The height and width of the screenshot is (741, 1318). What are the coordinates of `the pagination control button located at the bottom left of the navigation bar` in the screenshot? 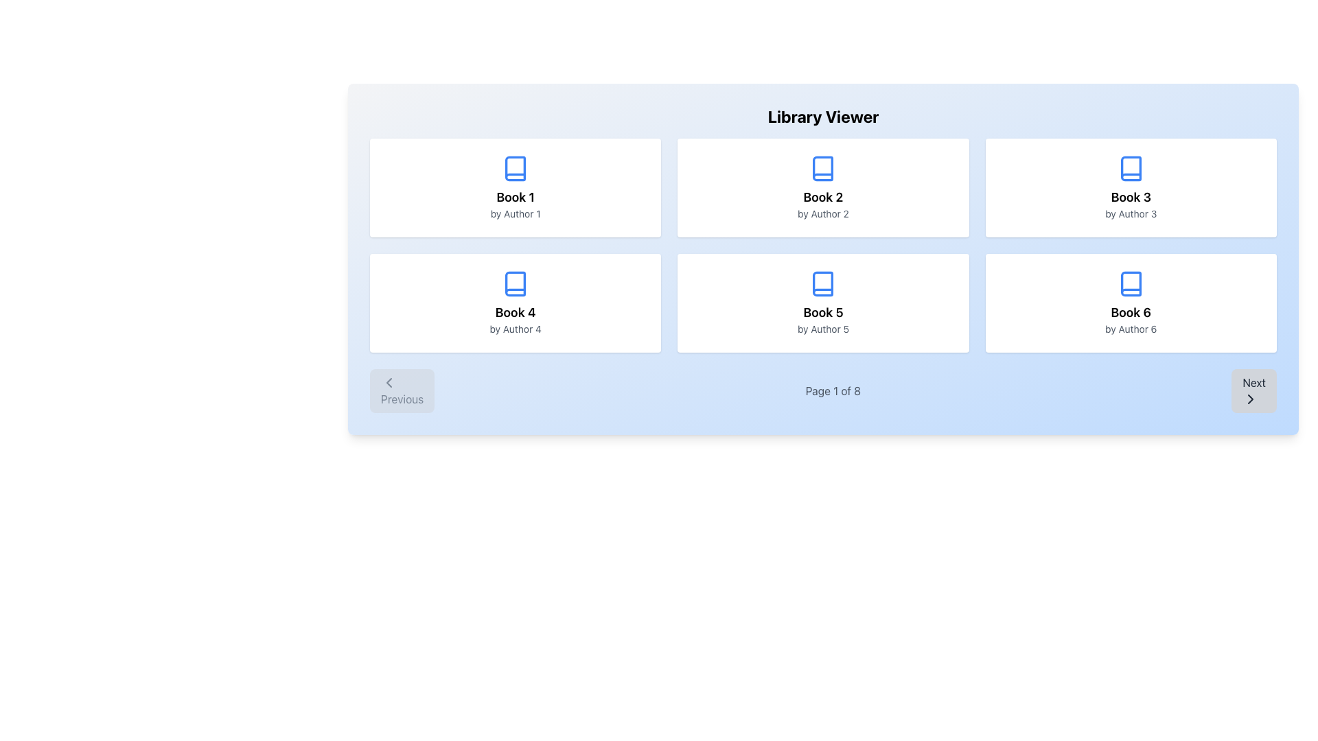 It's located at (402, 391).